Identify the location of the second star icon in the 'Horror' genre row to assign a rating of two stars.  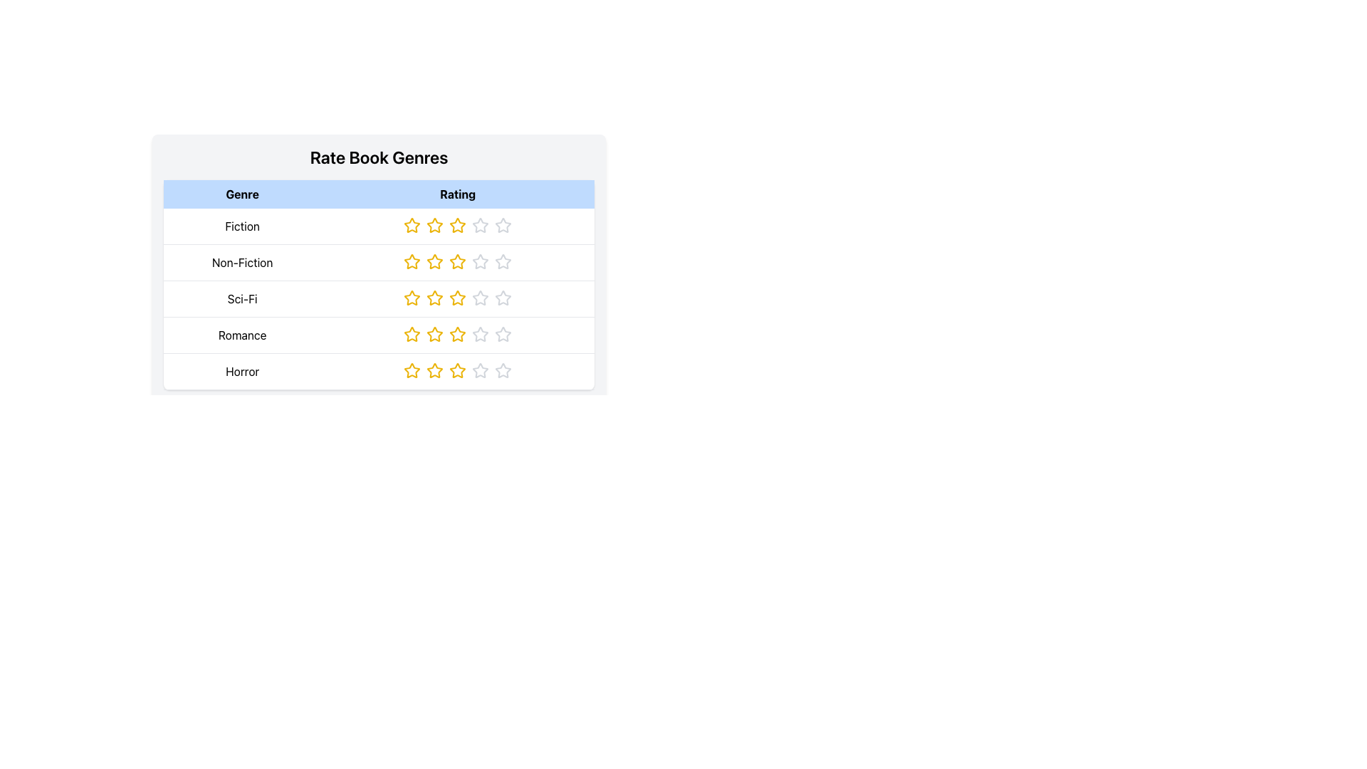
(434, 370).